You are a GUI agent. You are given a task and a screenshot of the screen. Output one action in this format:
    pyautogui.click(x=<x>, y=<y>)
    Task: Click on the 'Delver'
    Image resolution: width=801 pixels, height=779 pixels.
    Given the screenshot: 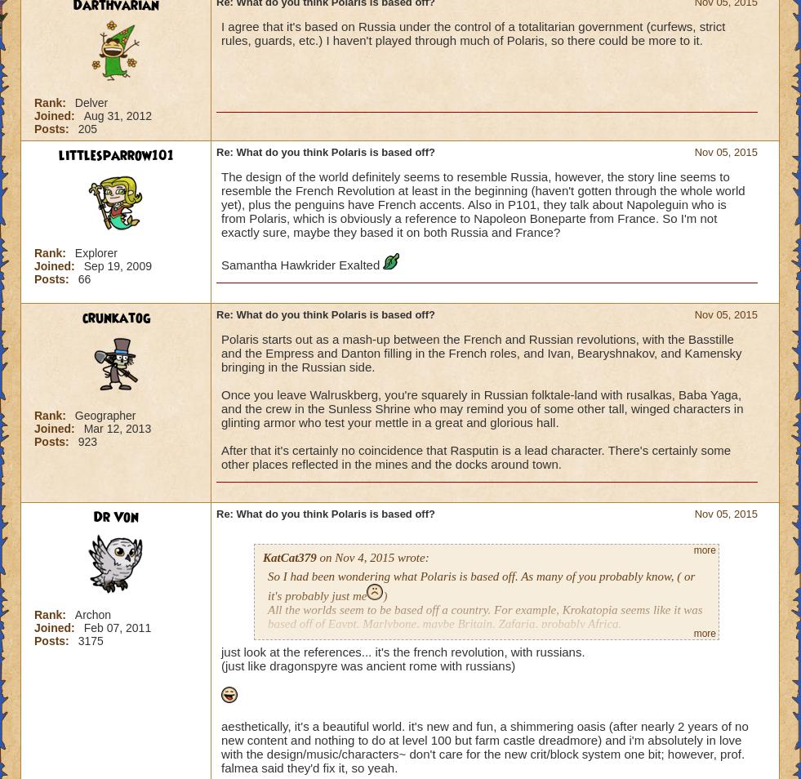 What is the action you would take?
    pyautogui.click(x=90, y=102)
    